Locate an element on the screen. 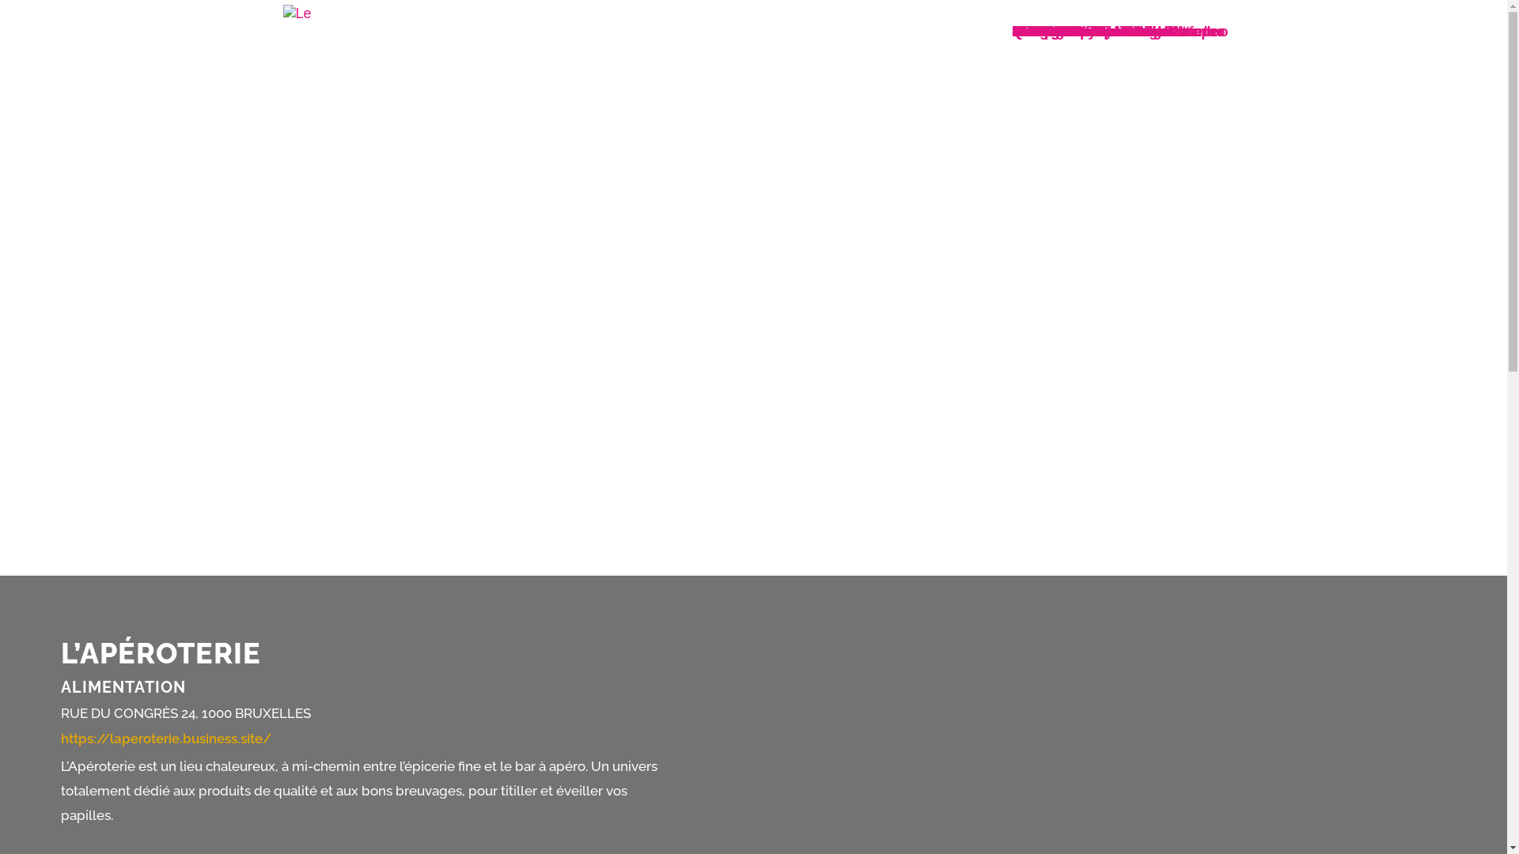  'BXL-Boncadeau' is located at coordinates (1066, 31).